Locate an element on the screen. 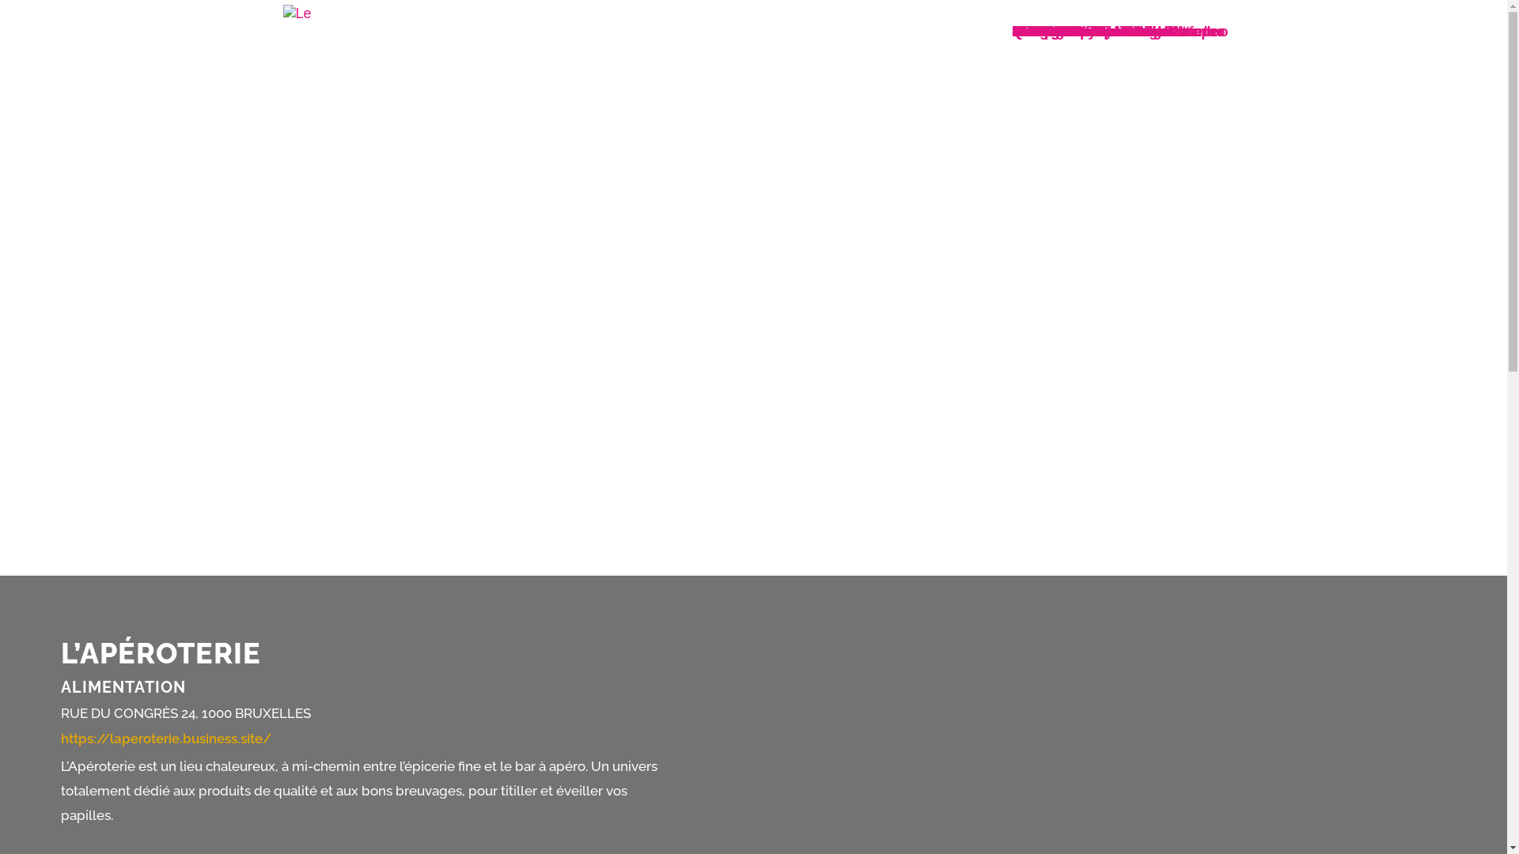  'BXL-Boncadeau' is located at coordinates (1066, 31).